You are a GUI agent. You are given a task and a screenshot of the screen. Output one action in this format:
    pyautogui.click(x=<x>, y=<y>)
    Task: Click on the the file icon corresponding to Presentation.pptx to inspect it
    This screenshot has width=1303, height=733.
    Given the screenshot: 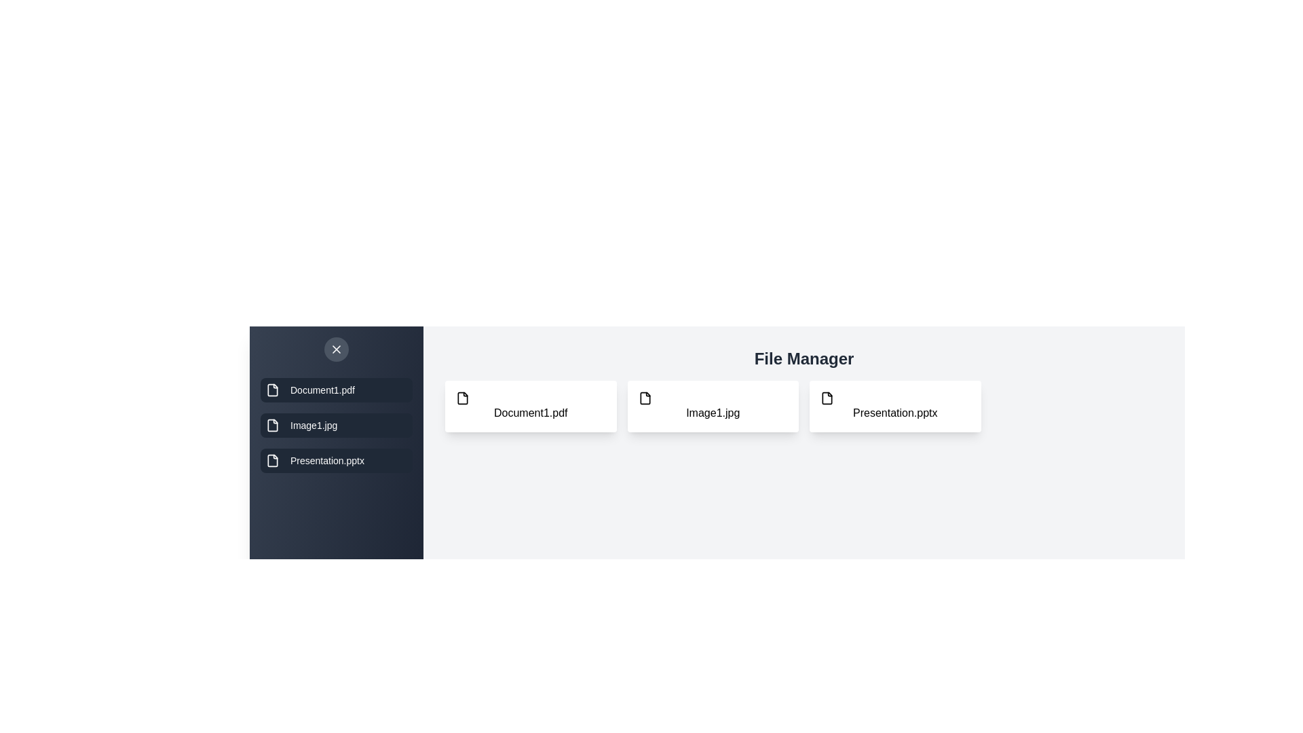 What is the action you would take?
    pyautogui.click(x=895, y=405)
    